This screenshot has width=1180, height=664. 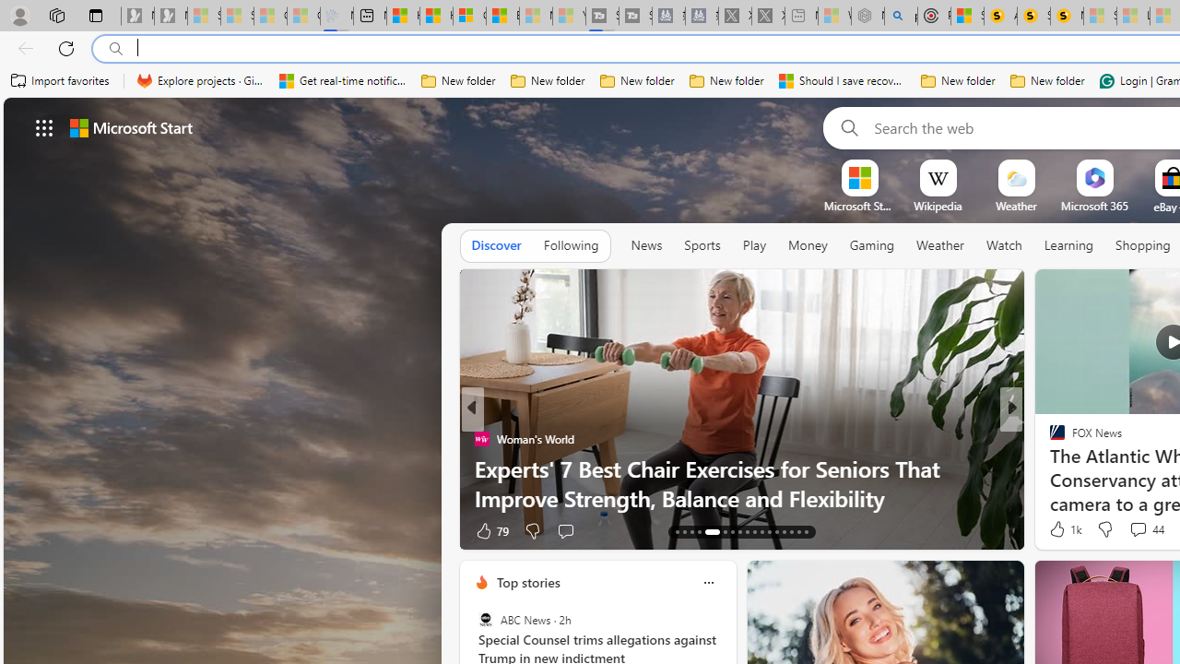 I want to click on 'Newsletter Sign Up - Sleeping', so click(x=171, y=16).